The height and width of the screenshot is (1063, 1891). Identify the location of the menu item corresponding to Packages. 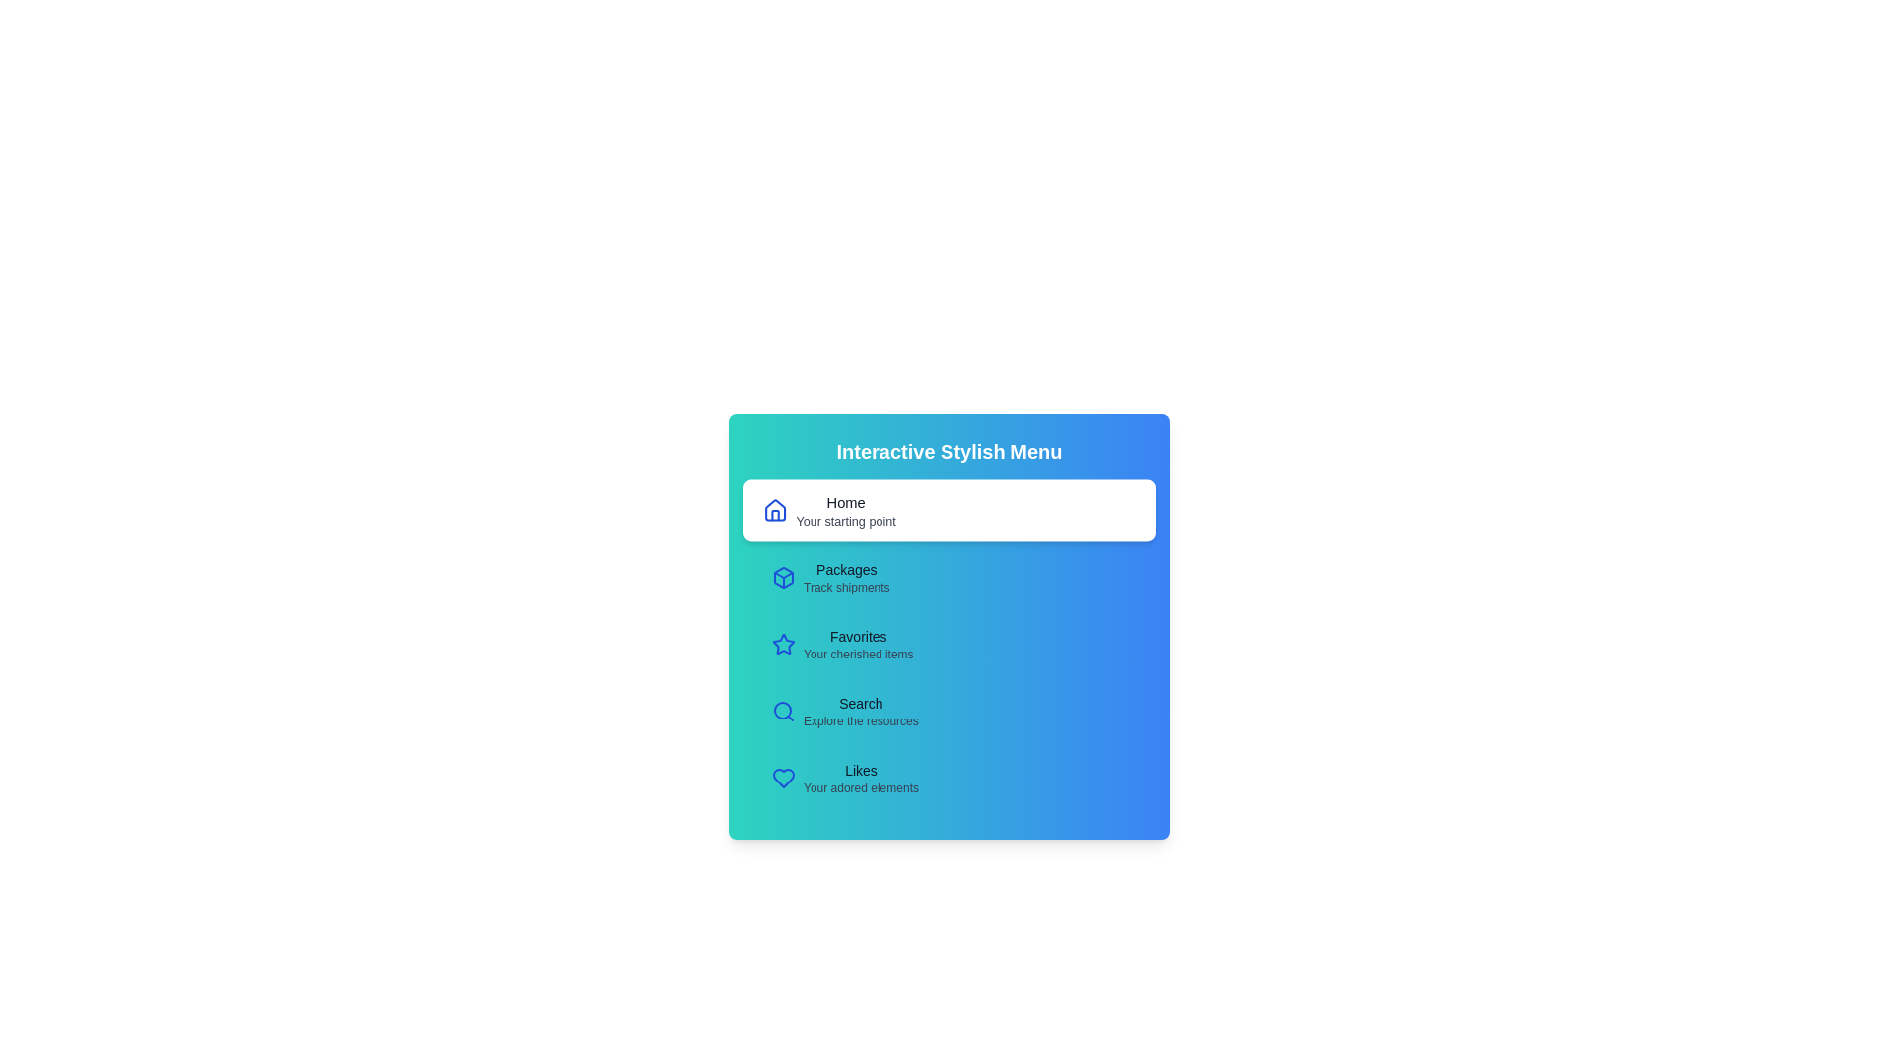
(949, 576).